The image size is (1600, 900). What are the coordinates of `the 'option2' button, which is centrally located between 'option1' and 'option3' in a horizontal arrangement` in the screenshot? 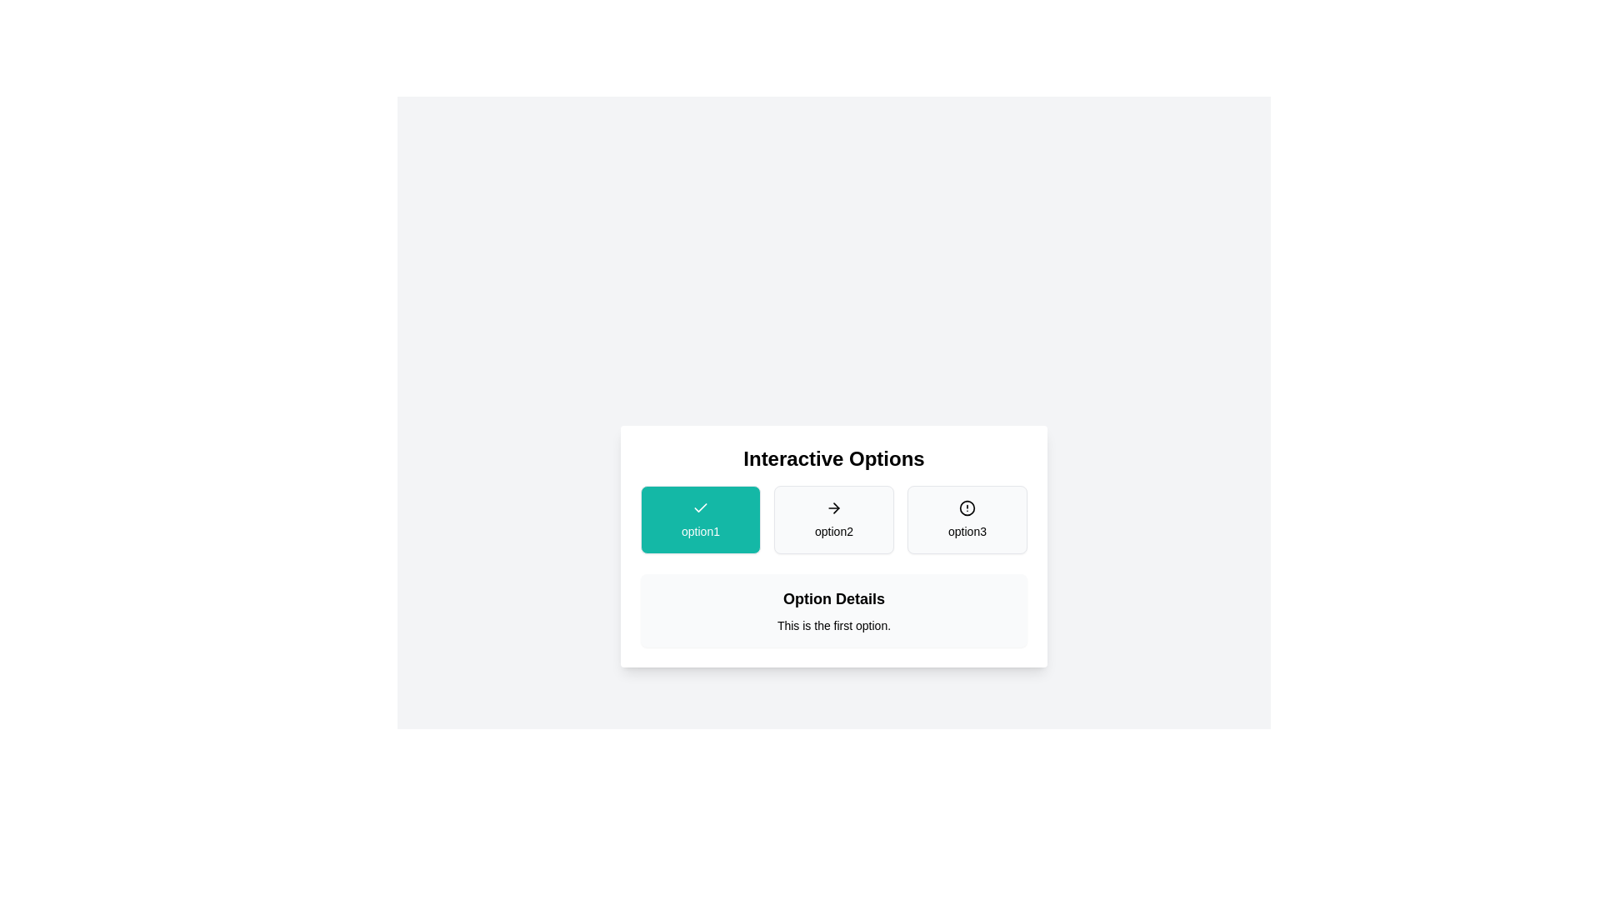 It's located at (834, 519).